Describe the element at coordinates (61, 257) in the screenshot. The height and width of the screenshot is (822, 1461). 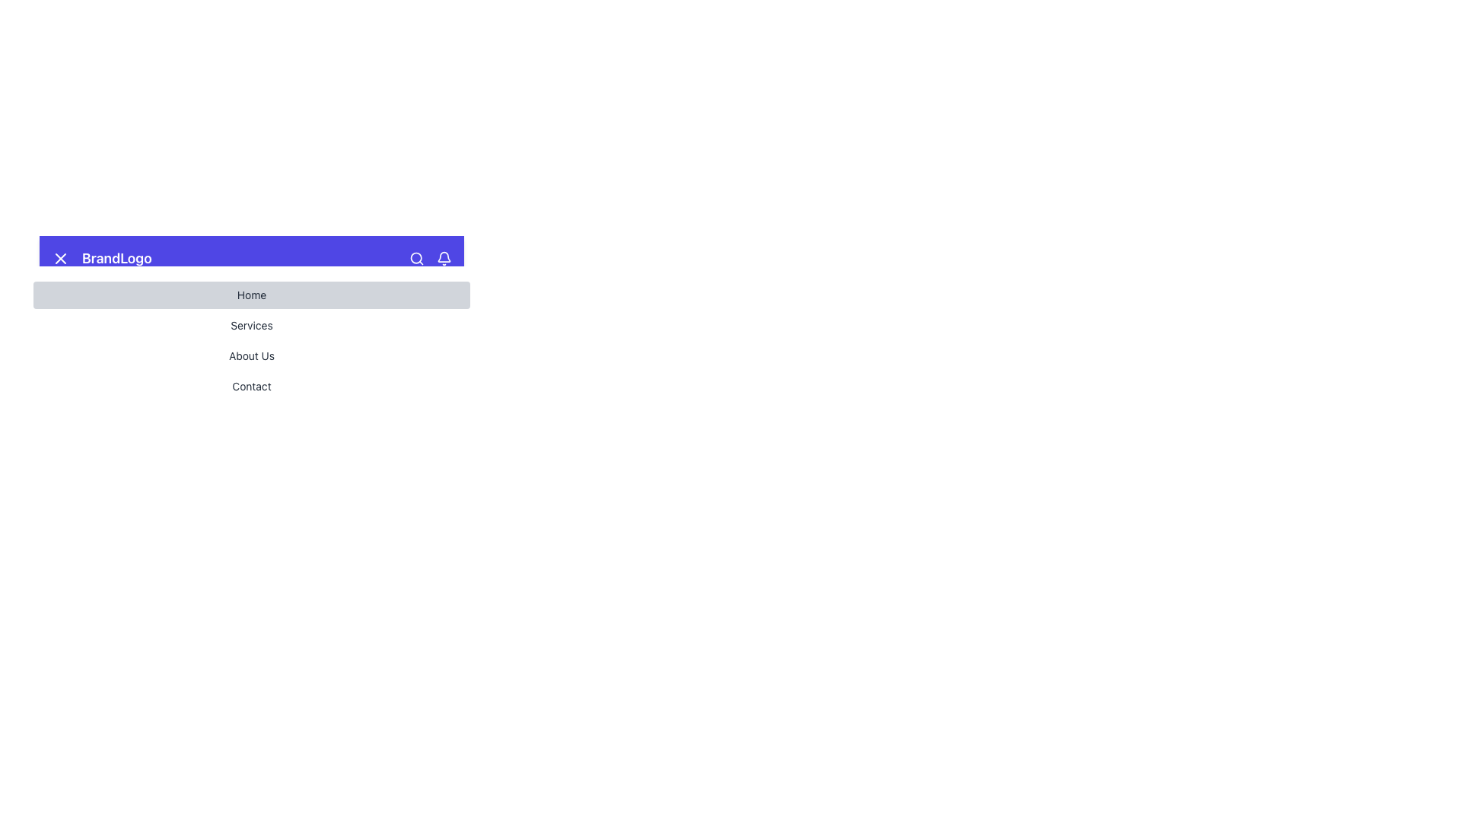
I see `the Interactive icon located in the navigation bar, which functions as a close or cancel button` at that location.